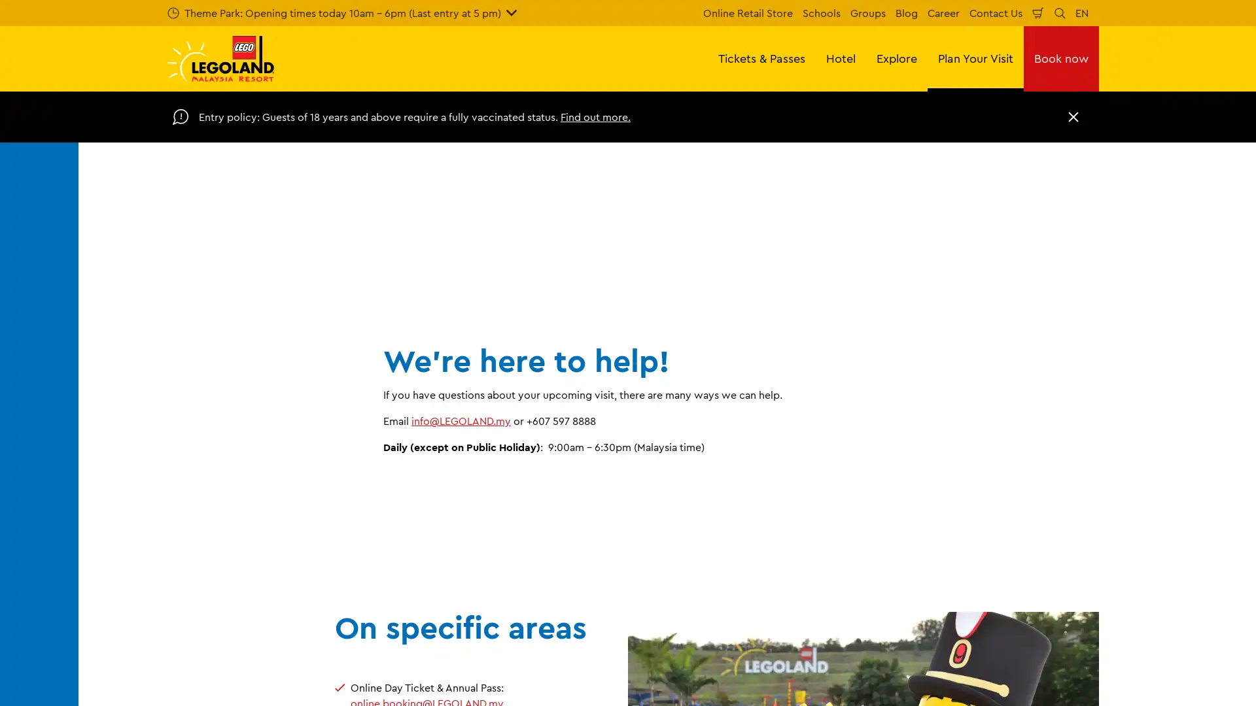 The image size is (1256, 706). I want to click on Shopping Cart, so click(1038, 12).